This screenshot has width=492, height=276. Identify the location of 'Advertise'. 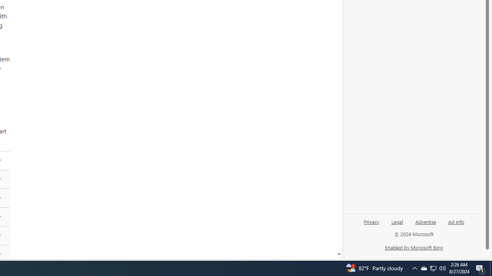
(425, 224).